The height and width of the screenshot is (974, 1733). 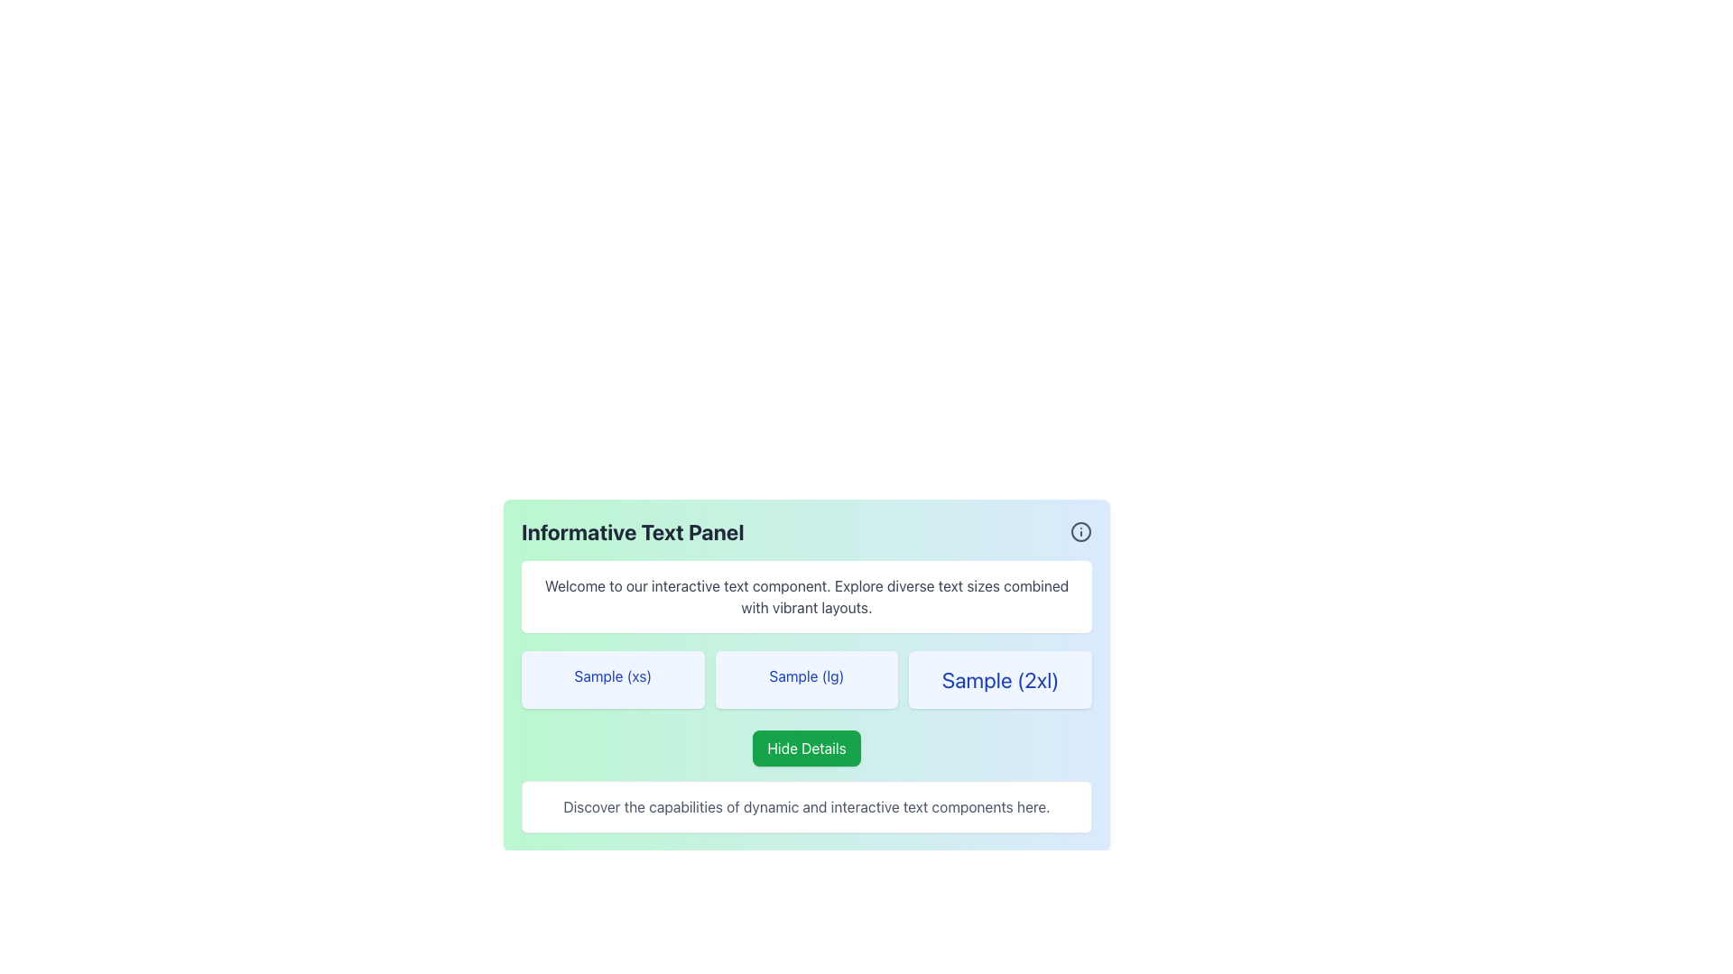 What do you see at coordinates (805, 805) in the screenshot?
I see `the descriptive label located at the bottom of the 'Informative Text Panel', which is centrally aligned beneath the green button labeled 'Hide Details'` at bounding box center [805, 805].